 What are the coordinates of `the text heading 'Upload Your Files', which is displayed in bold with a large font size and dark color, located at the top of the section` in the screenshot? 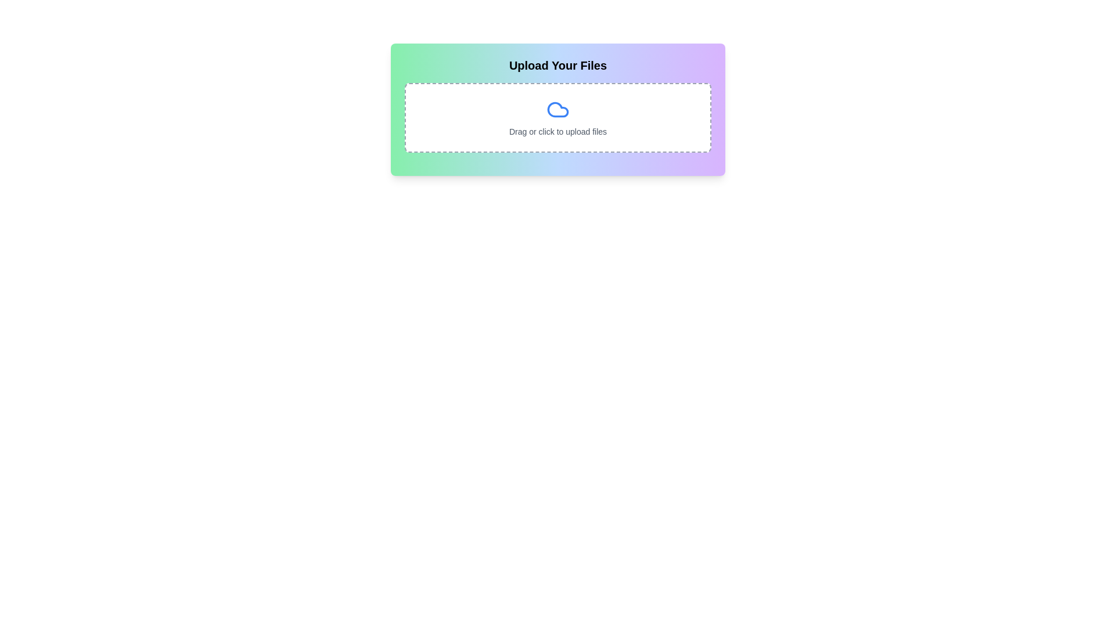 It's located at (557, 65).